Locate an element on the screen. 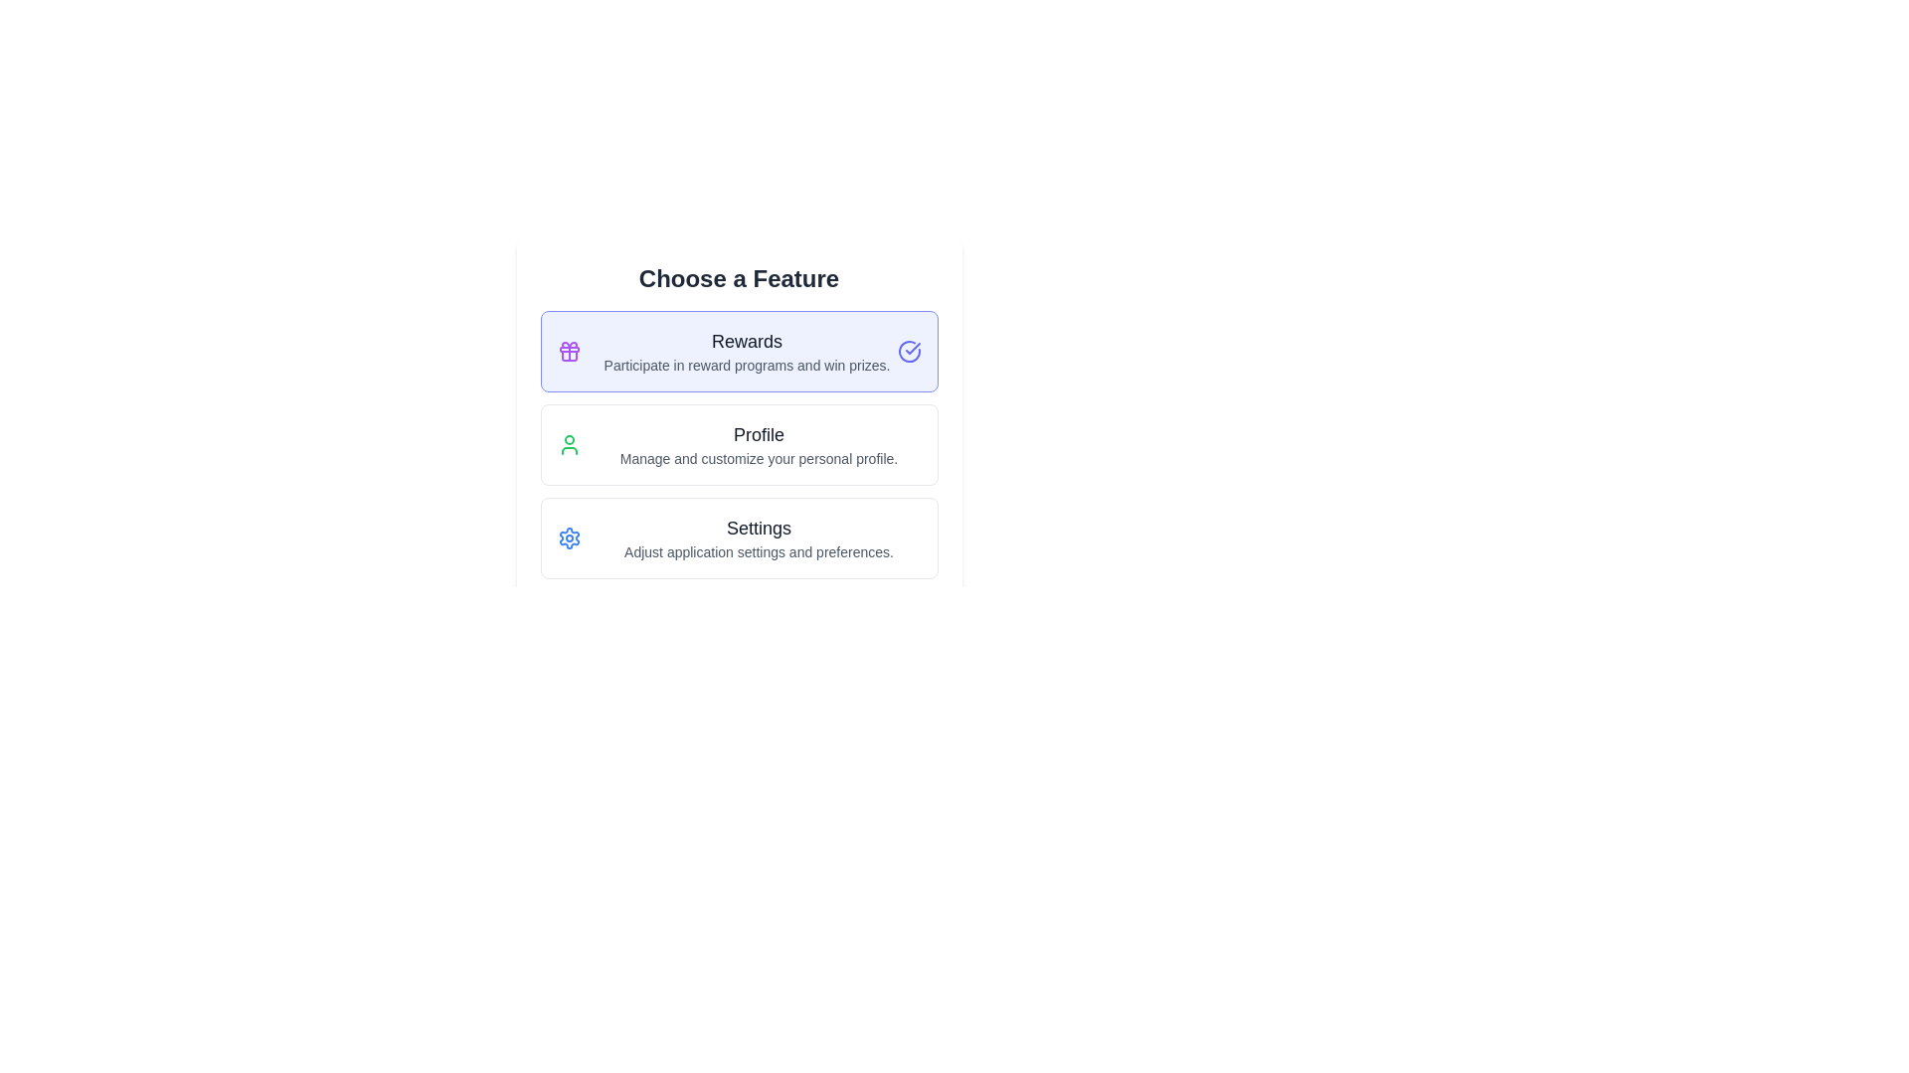  the Decorative SVG Icon, which features a blue-stroked checkmark inside a circle and is located within the 'Rewards' feature area is located at coordinates (911, 348).